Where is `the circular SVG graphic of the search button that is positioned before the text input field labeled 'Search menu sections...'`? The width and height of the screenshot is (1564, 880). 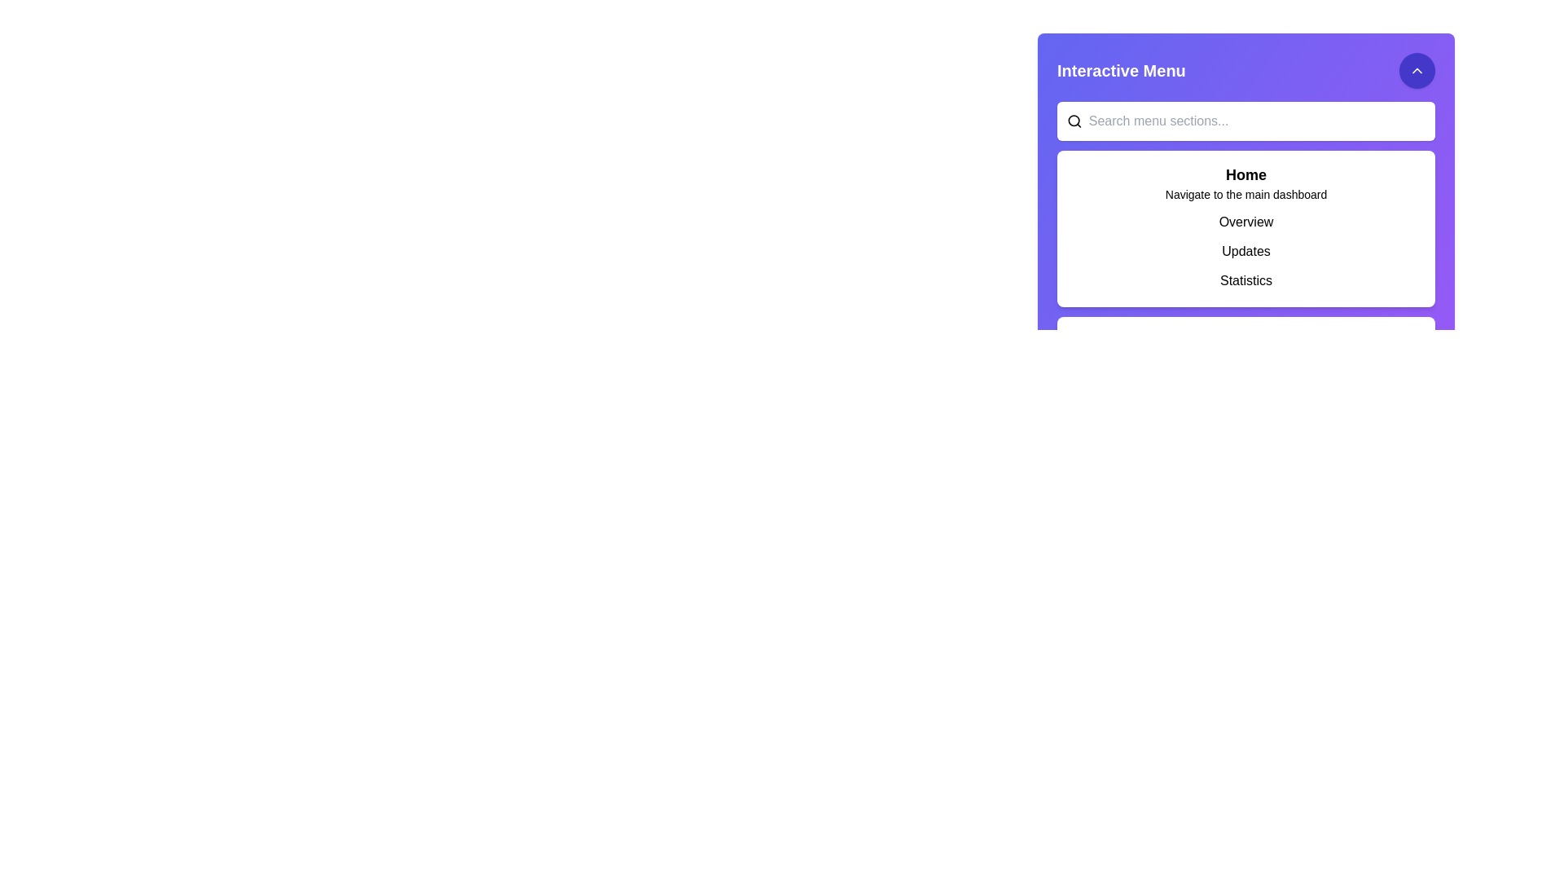
the circular SVG graphic of the search button that is positioned before the text input field labeled 'Search menu sections...' is located at coordinates (1074, 120).